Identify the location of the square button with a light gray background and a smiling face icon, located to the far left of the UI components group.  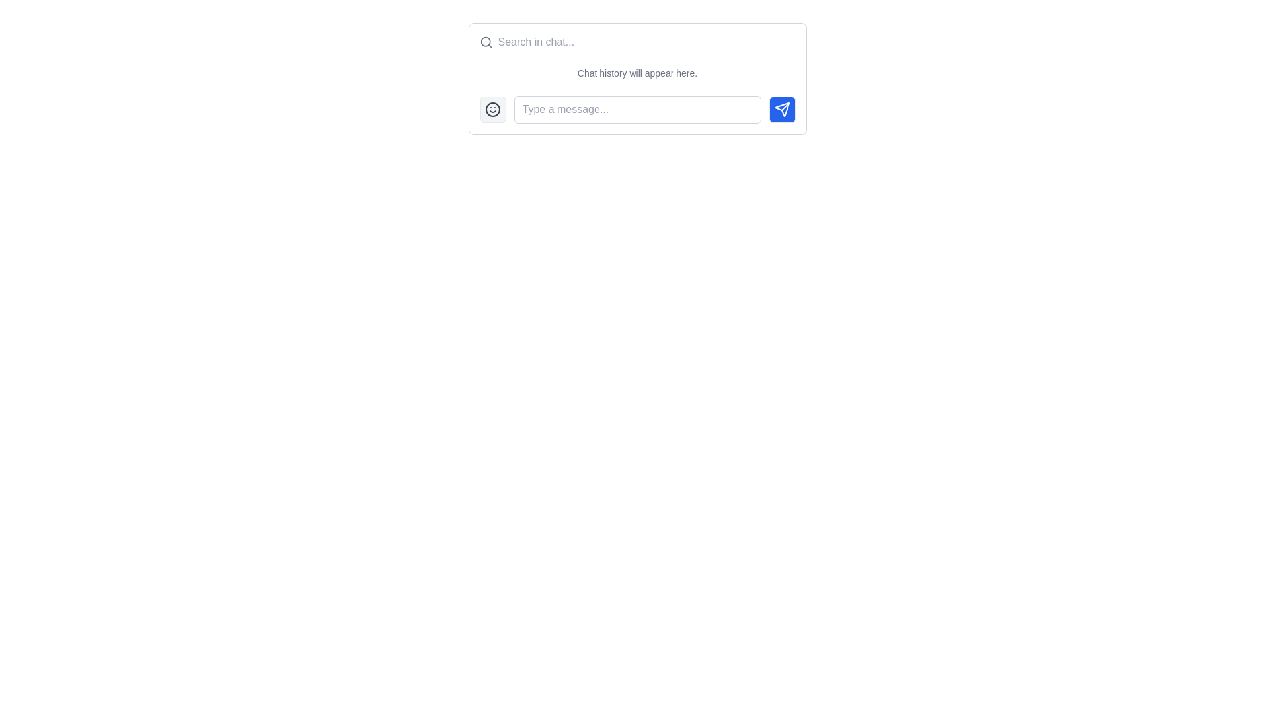
(492, 108).